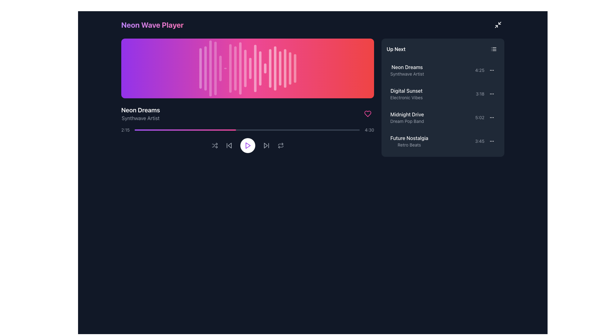  I want to click on the button located in the top-right corner of the 'Up Next' section, so click(493, 49).